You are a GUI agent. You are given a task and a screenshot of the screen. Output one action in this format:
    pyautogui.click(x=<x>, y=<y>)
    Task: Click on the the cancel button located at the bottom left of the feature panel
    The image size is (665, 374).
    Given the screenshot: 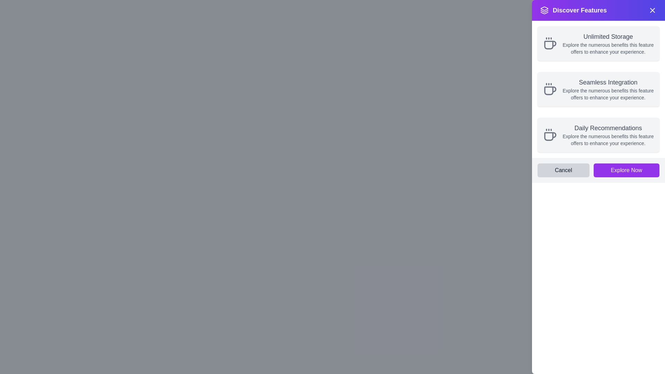 What is the action you would take?
    pyautogui.click(x=563, y=170)
    